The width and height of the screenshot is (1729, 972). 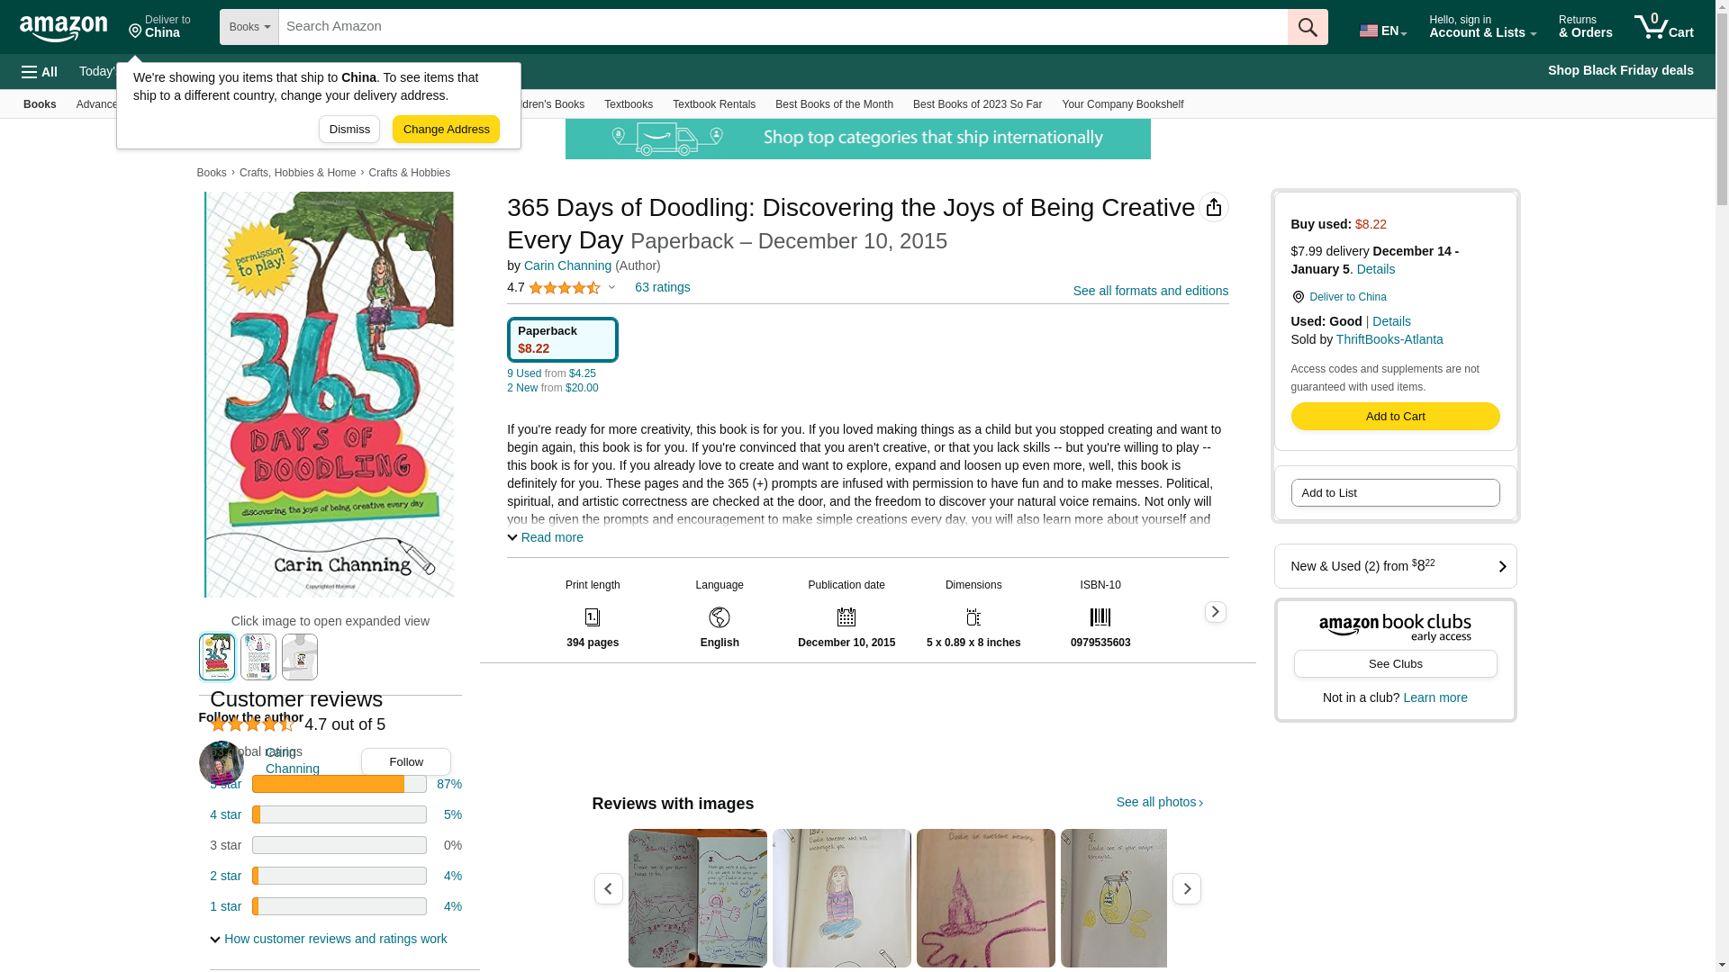 I want to click on '63 ratings', so click(x=661, y=286).